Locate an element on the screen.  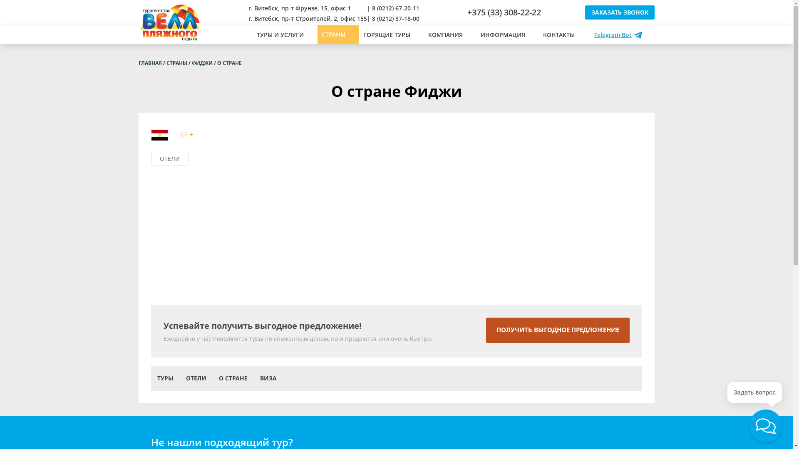
'Telegram Bot' is located at coordinates (589, 34).